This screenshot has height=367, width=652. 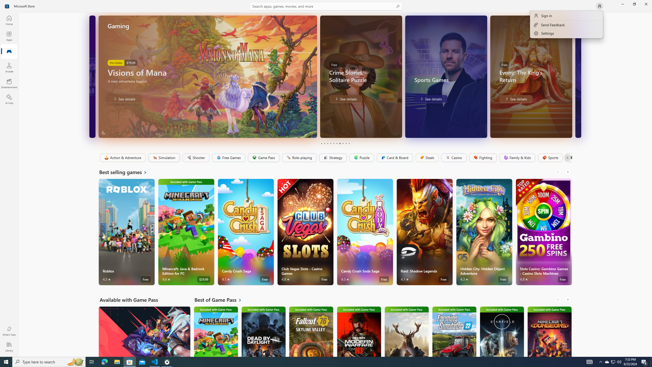 What do you see at coordinates (326, 6) in the screenshot?
I see `'Search'` at bounding box center [326, 6].